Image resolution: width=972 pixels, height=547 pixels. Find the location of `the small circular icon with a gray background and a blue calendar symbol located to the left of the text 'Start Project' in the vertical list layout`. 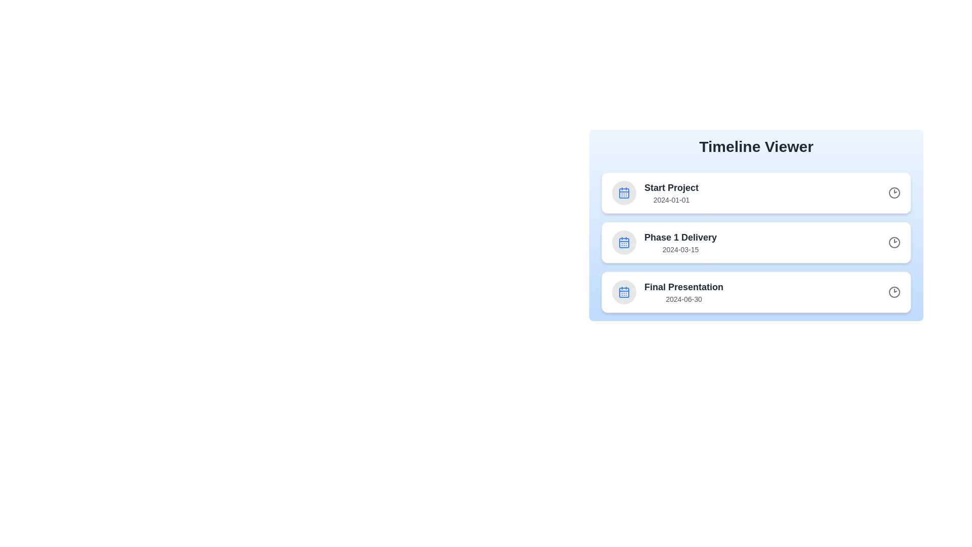

the small circular icon with a gray background and a blue calendar symbol located to the left of the text 'Start Project' in the vertical list layout is located at coordinates (624, 193).